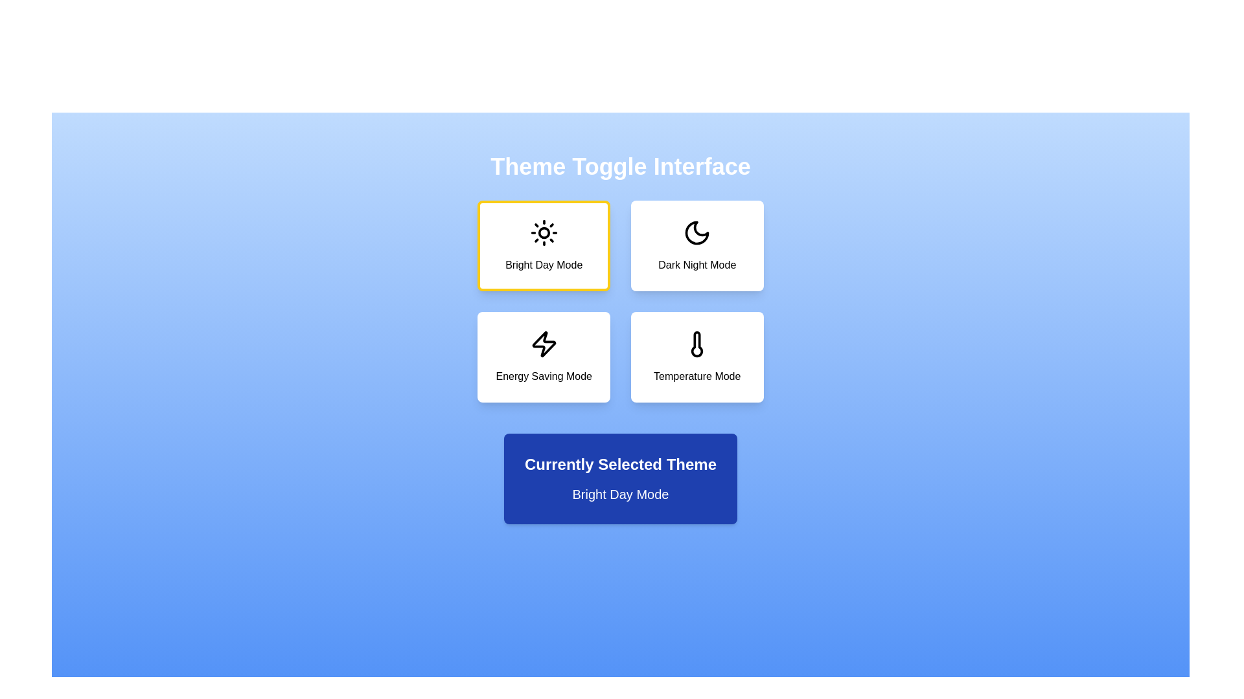  Describe the element at coordinates (697, 246) in the screenshot. I see `the theme Dark Night Mode by clicking its button` at that location.